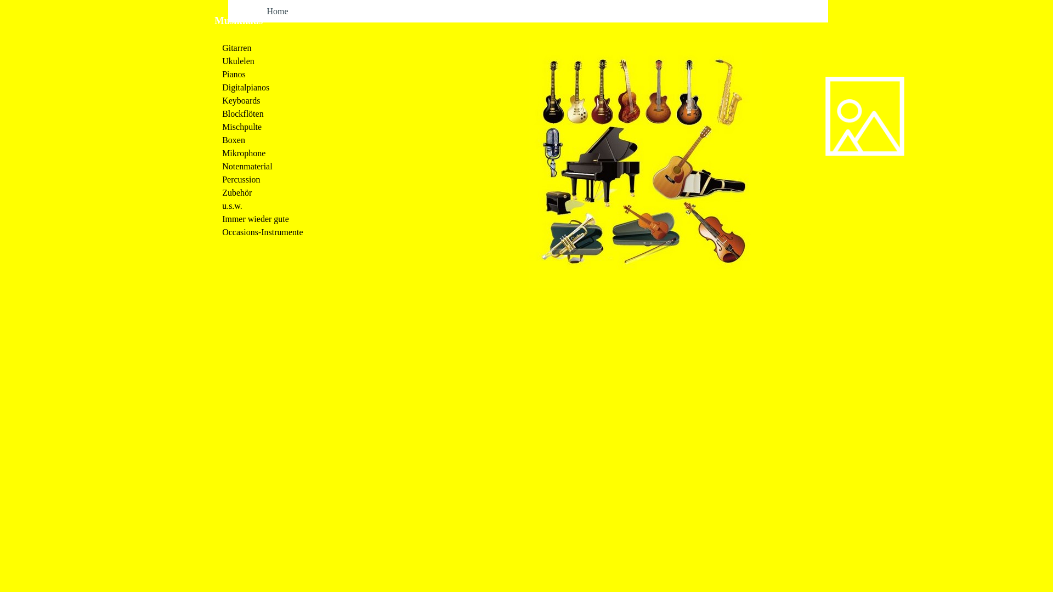 The height and width of the screenshot is (592, 1053). What do you see at coordinates (277, 11) in the screenshot?
I see `'Home'` at bounding box center [277, 11].